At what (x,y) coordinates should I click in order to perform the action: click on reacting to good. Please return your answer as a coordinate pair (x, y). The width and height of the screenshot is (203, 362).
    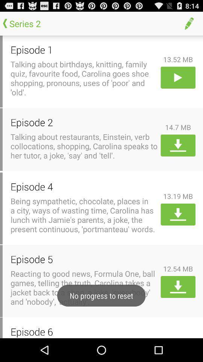
    Looking at the image, I should click on (84, 287).